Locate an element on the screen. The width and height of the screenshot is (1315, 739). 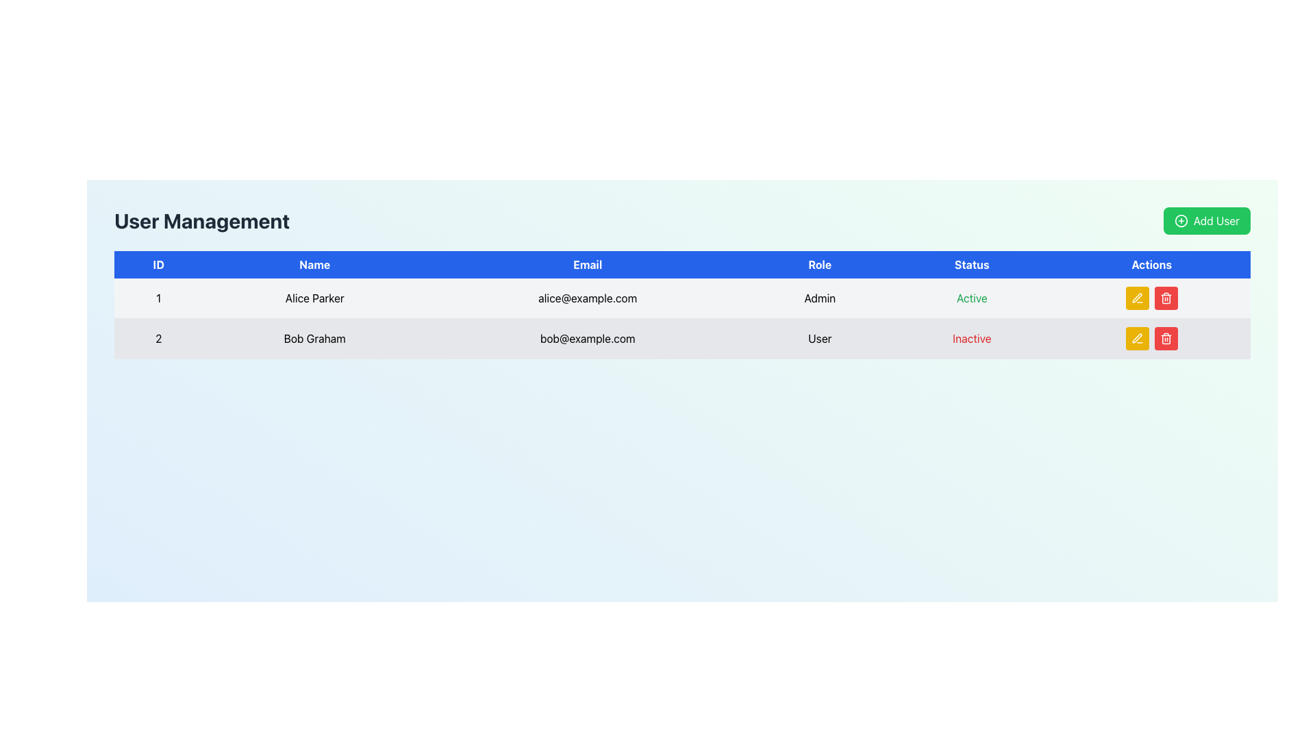
the Table Header Cell indicating the 'Name' attribute in the second position of the table header is located at coordinates (314, 264).